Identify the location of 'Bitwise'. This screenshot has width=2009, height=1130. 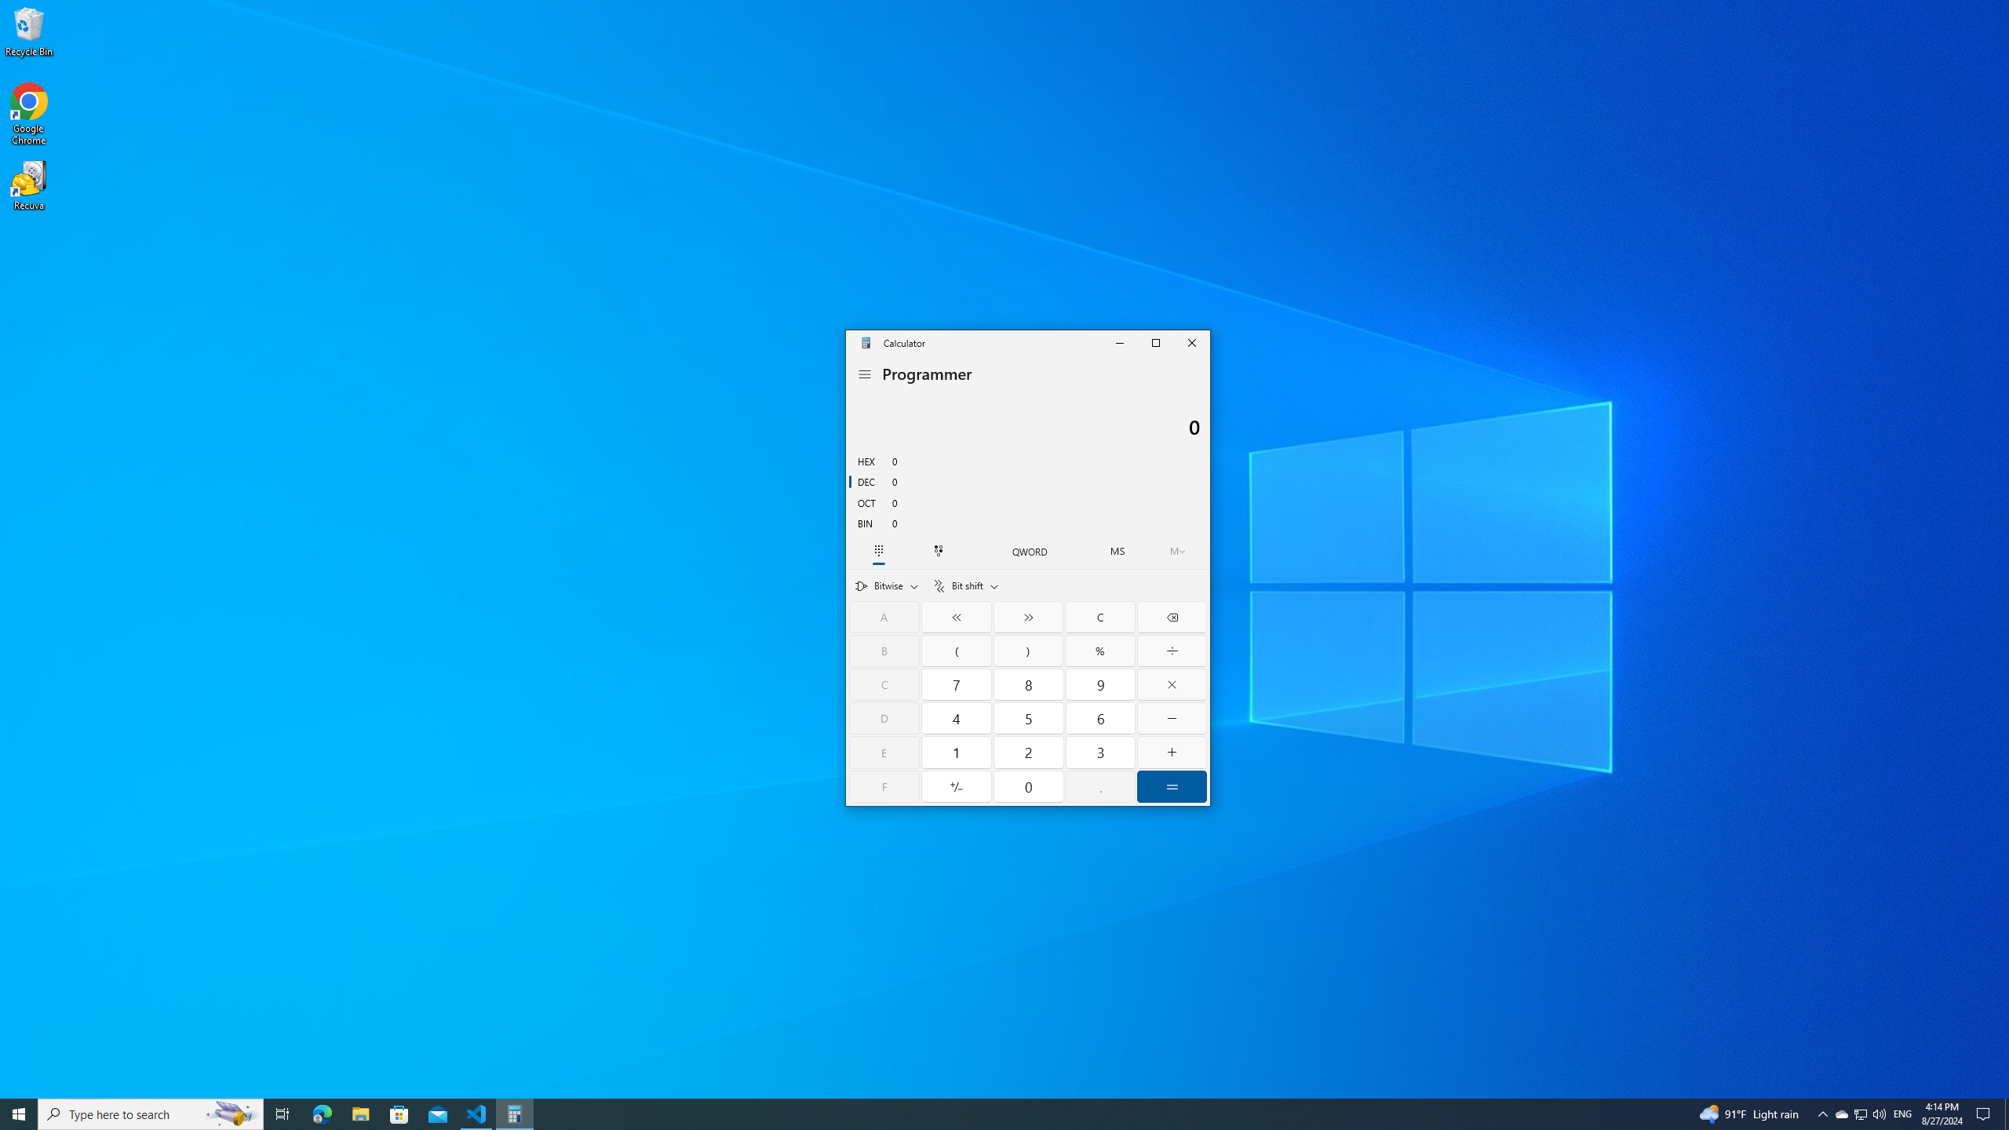
(886, 584).